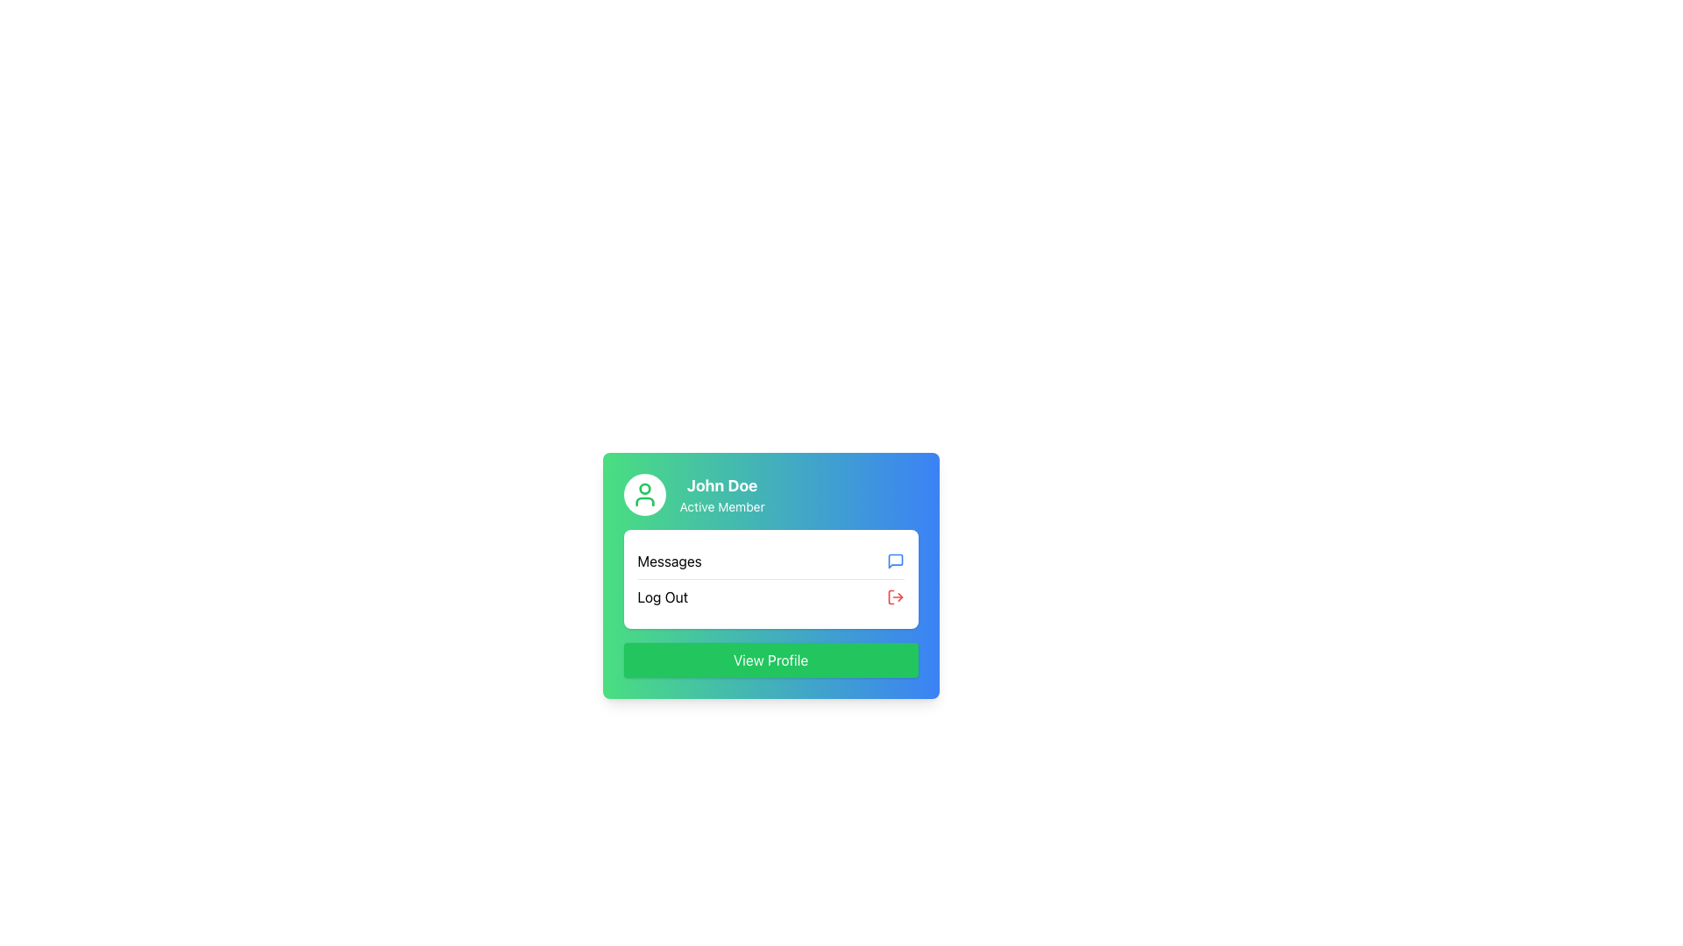  Describe the element at coordinates (643, 494) in the screenshot. I see `the user icon with a green outline that represents a user figure, located in the upper left of the profile card for user actions` at that location.